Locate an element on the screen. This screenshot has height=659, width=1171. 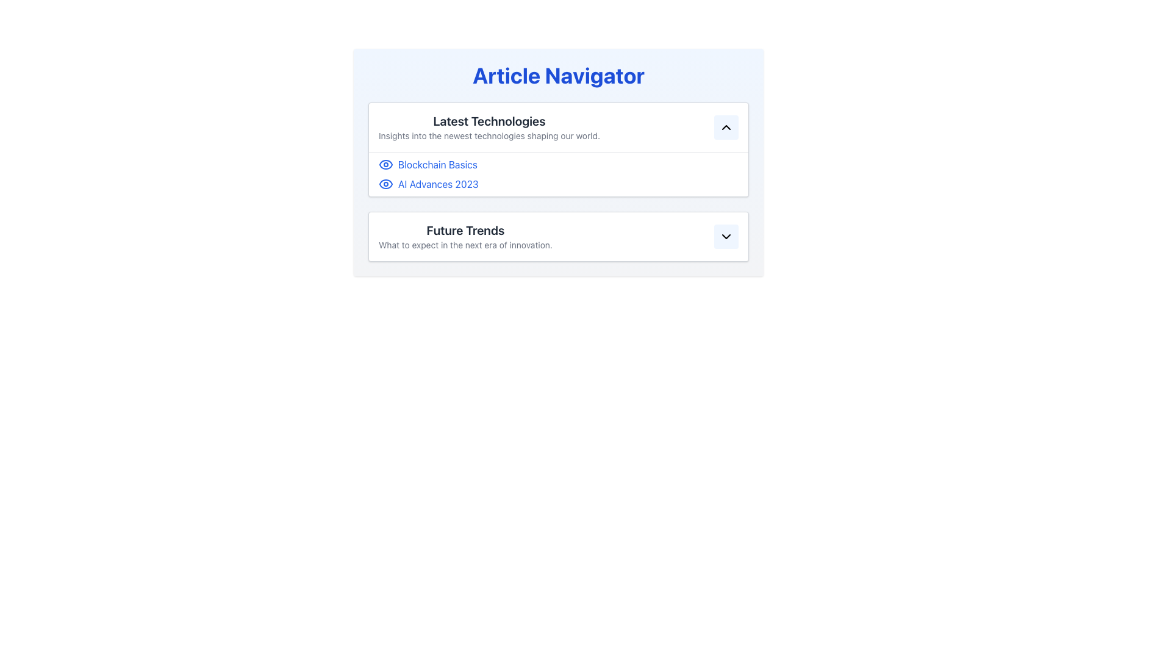
the toggle button located at the right end of the 'Latest Technologies' section header is located at coordinates (726, 127).